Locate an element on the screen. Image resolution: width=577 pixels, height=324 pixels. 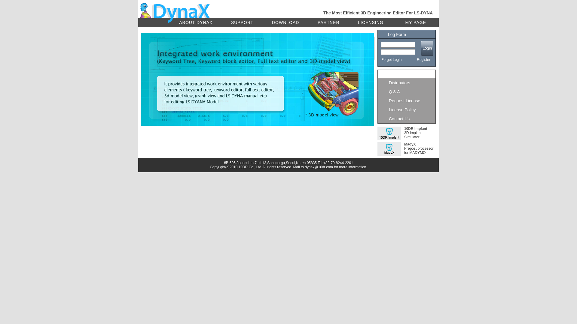
'LICENSING' is located at coordinates (370, 22).